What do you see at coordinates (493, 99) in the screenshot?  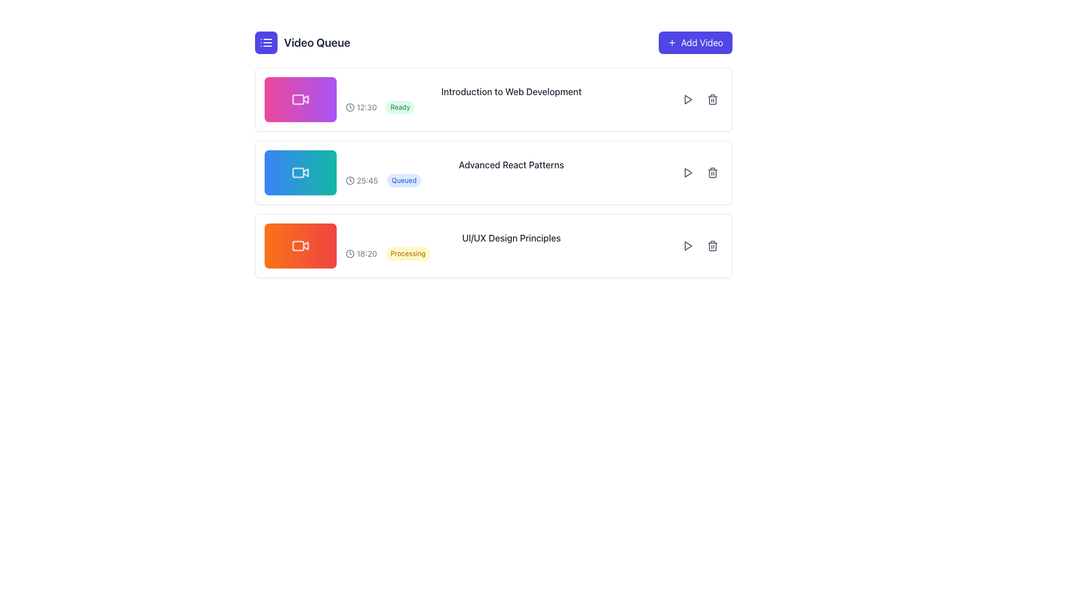 I see `details presented on the informational card titled 'Introduction to Web Development' located at the top of the video queue list` at bounding box center [493, 99].